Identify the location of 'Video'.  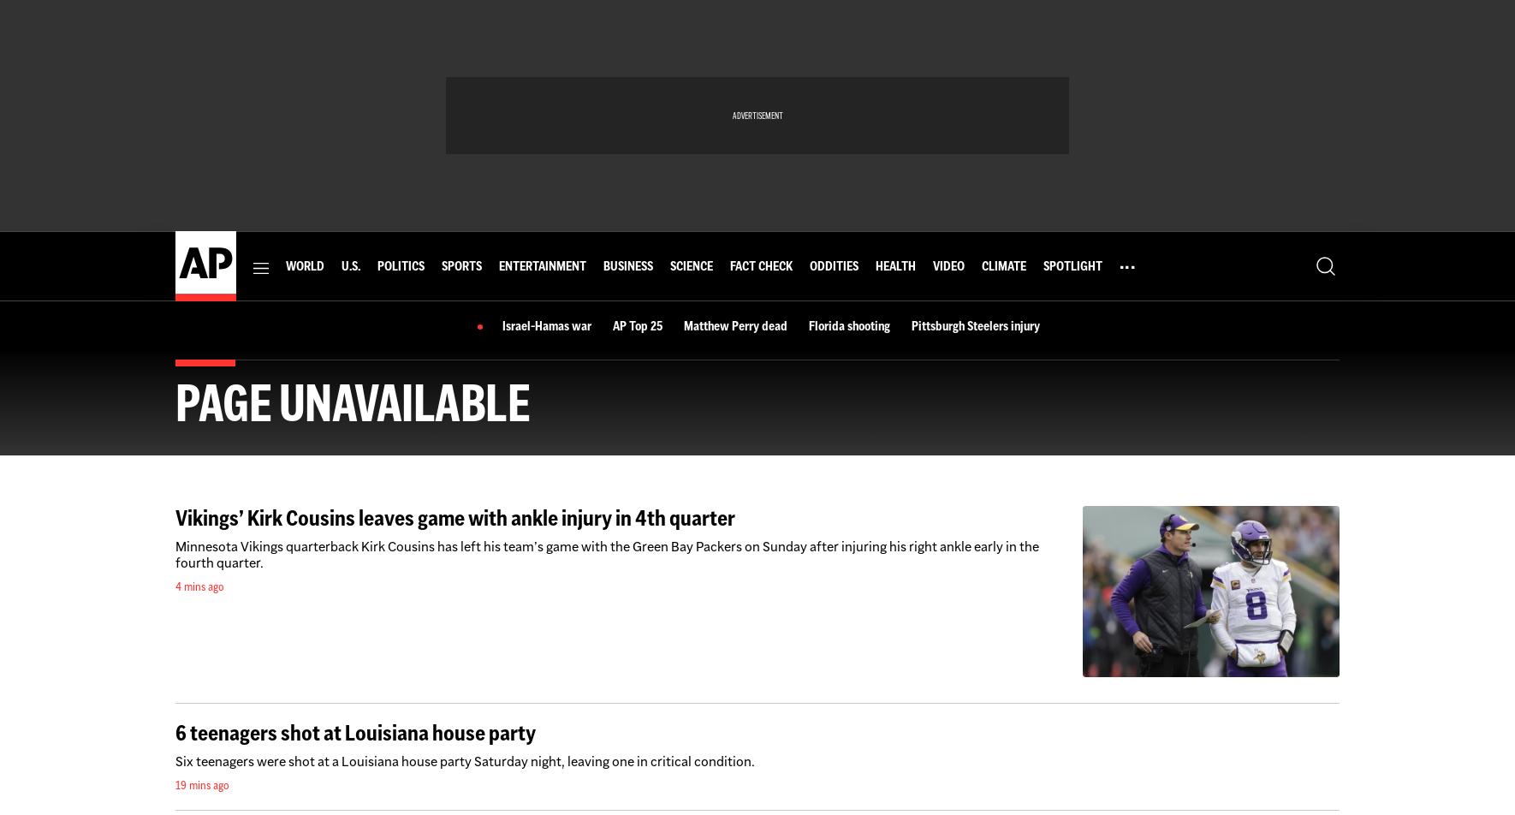
(932, 266).